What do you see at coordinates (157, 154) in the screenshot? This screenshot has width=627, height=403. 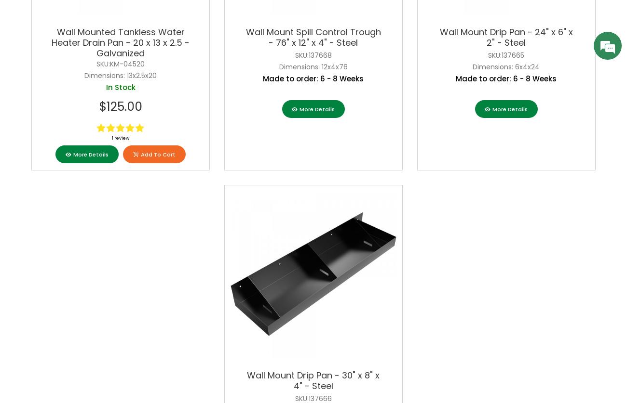 I see `'Add to cart'` at bounding box center [157, 154].